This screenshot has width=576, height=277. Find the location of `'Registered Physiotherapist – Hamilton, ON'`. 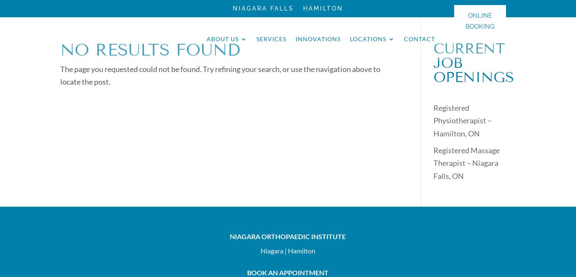

'Registered Physiotherapist – Hamilton, ON' is located at coordinates (432, 120).